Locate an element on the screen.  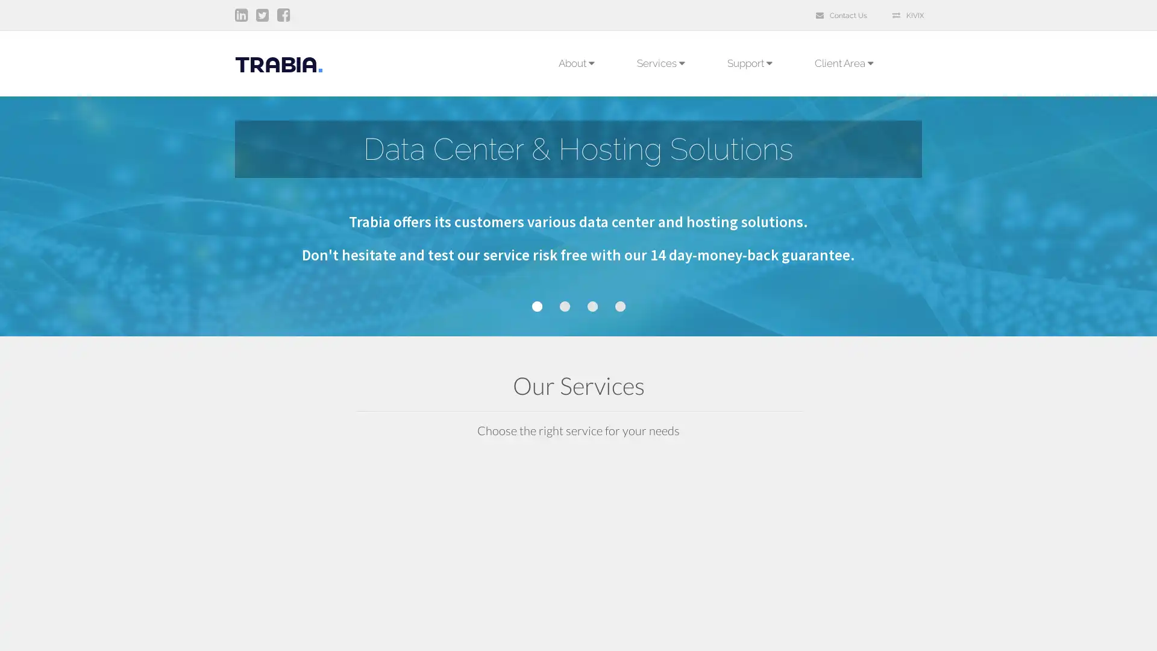
About is located at coordinates (575, 63).